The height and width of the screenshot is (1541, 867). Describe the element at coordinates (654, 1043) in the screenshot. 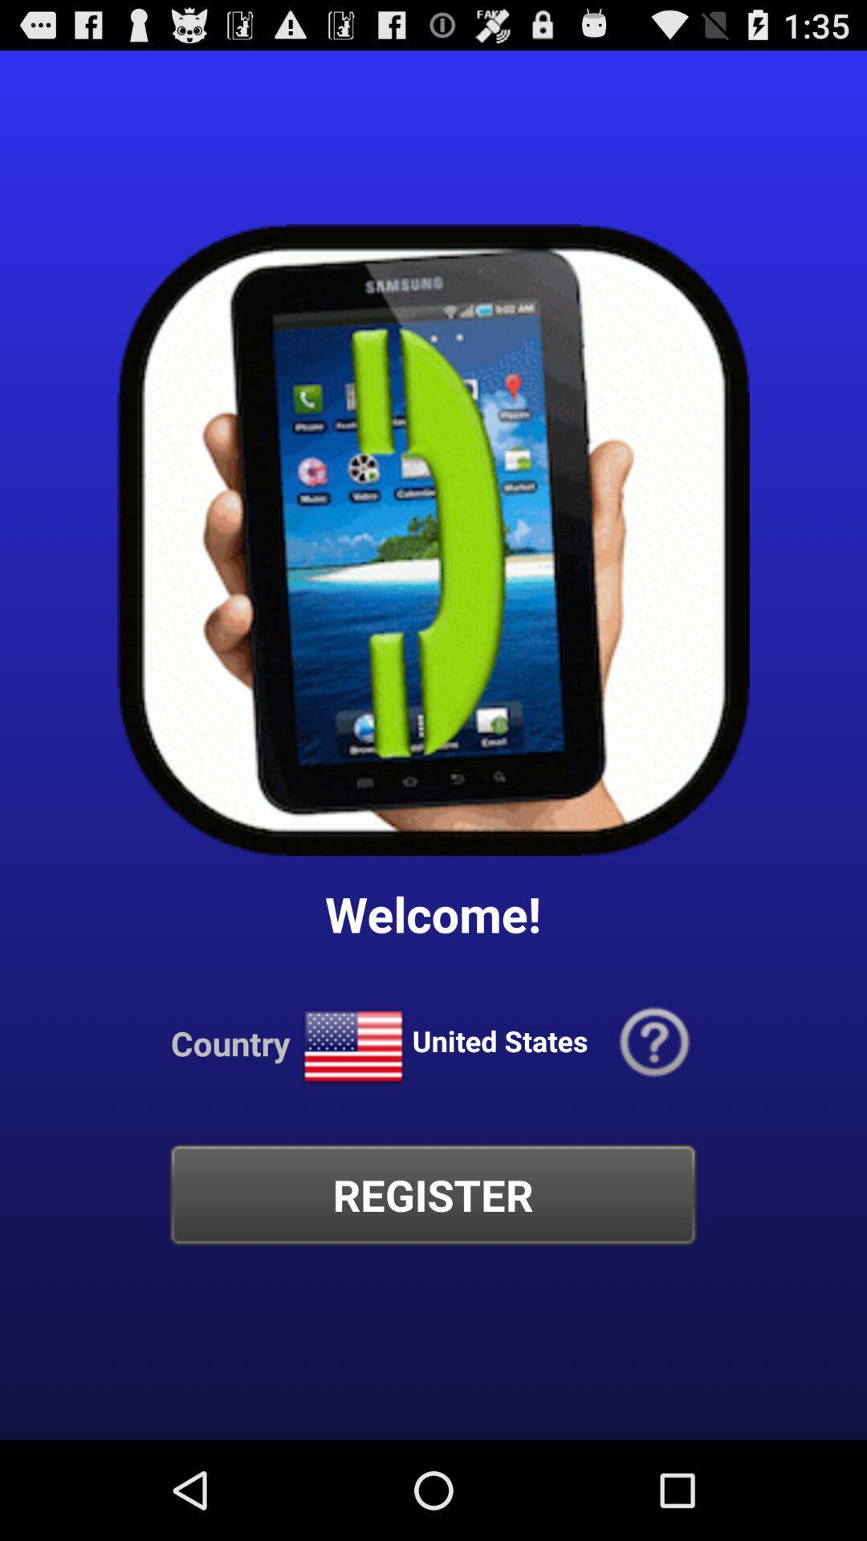

I see `item at the bottom right corner` at that location.